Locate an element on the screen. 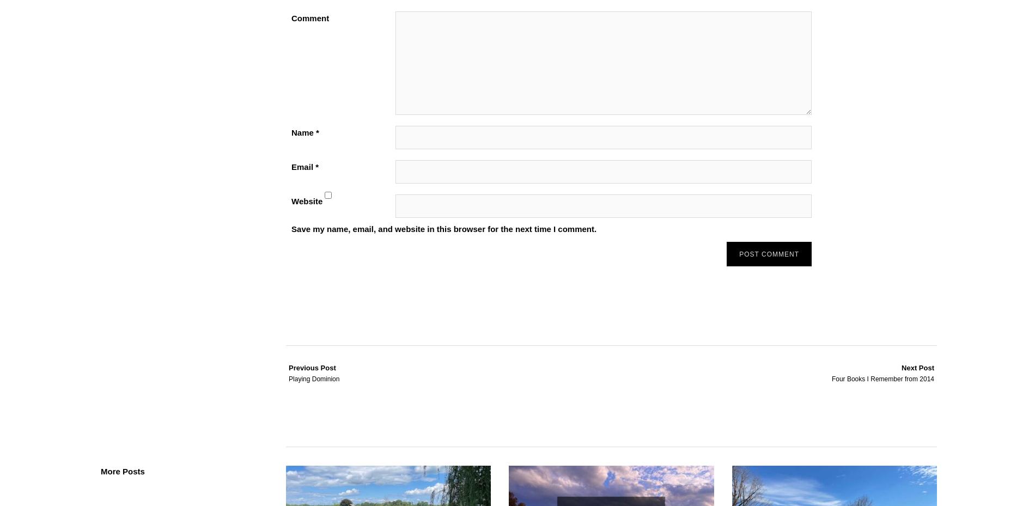 The height and width of the screenshot is (506, 1035). 'Website' is located at coordinates (307, 200).